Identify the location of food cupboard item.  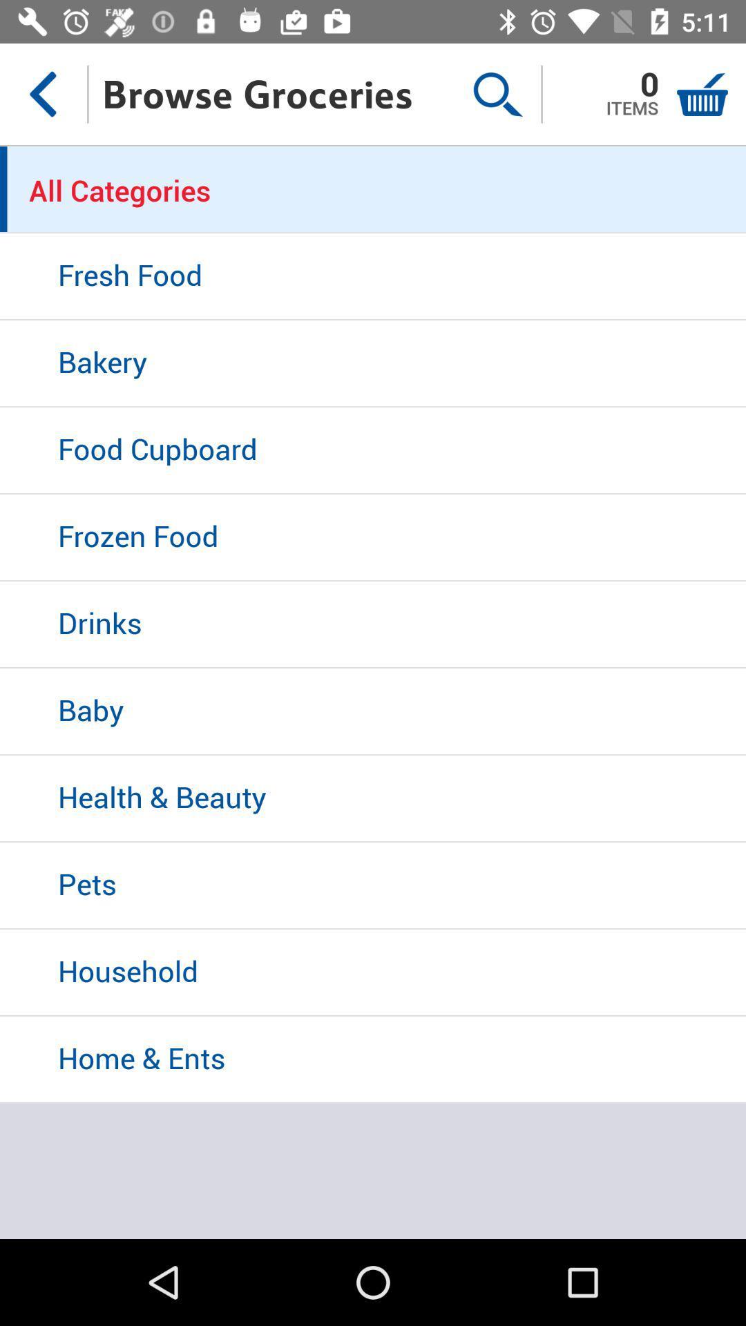
(373, 451).